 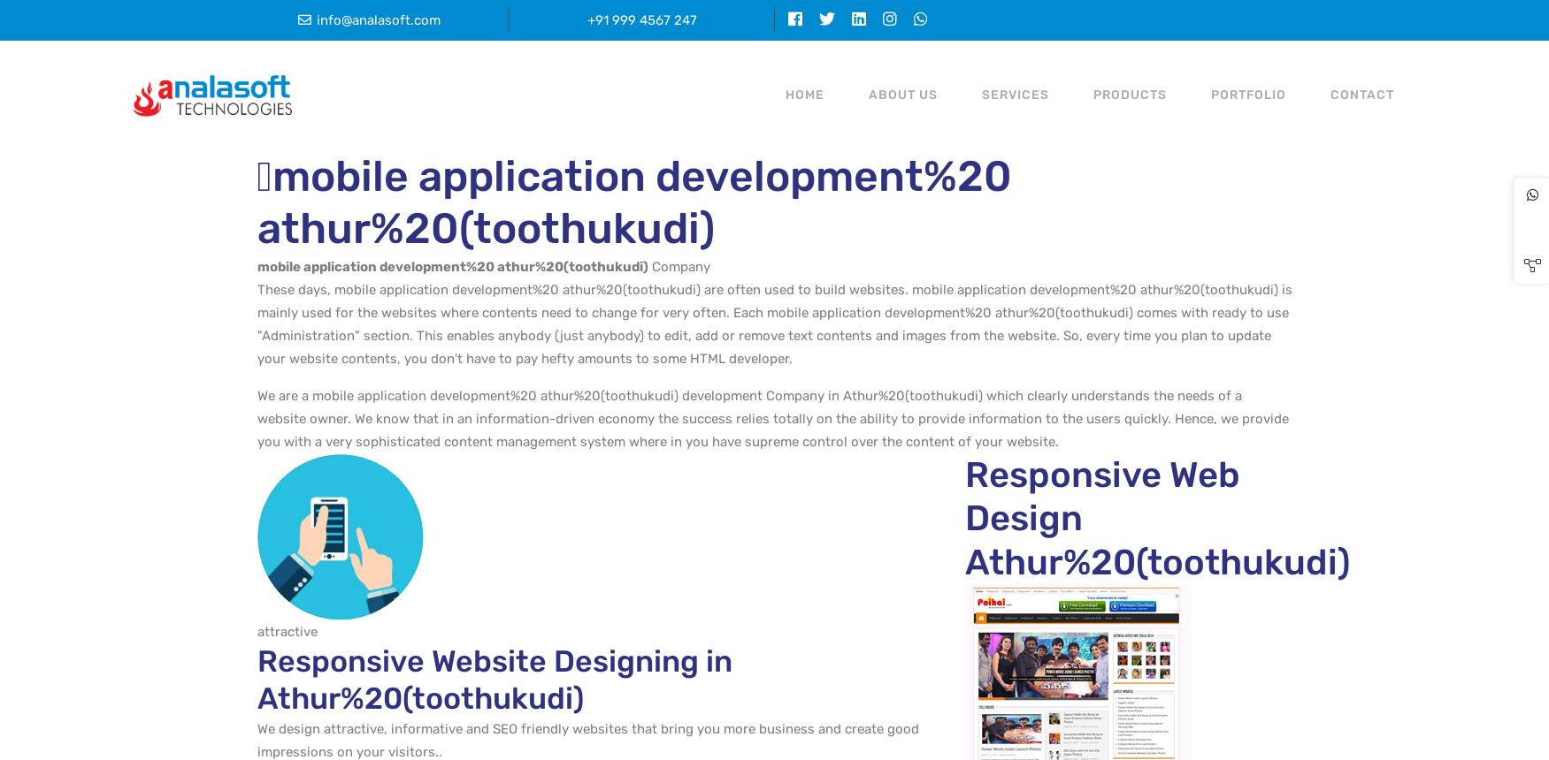 What do you see at coordinates (1362, 94) in the screenshot?
I see `'CONTACT'` at bounding box center [1362, 94].